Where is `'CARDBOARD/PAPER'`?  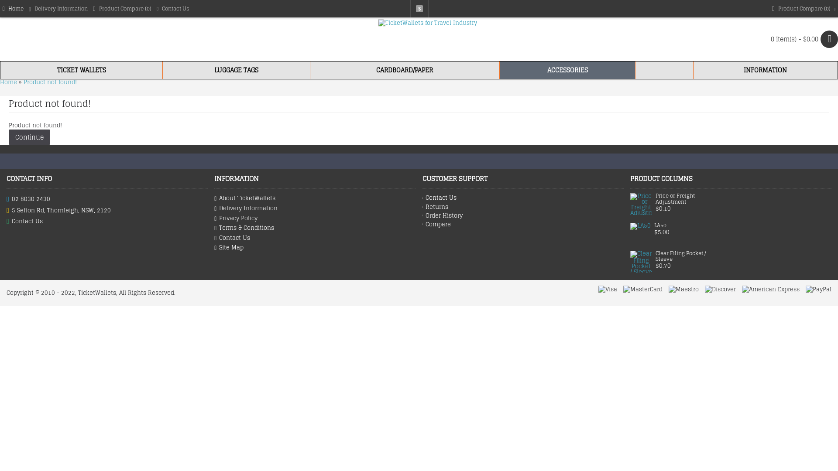 'CARDBOARD/PAPER' is located at coordinates (404, 70).